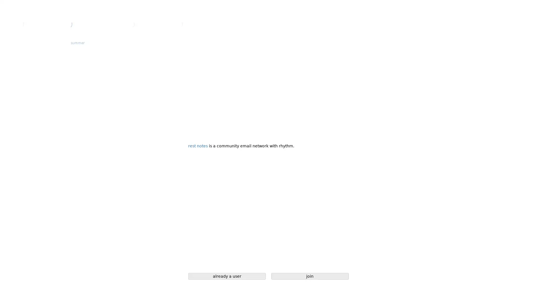 The height and width of the screenshot is (302, 537). Describe the element at coordinates (227, 276) in the screenshot. I see `already a user` at that location.